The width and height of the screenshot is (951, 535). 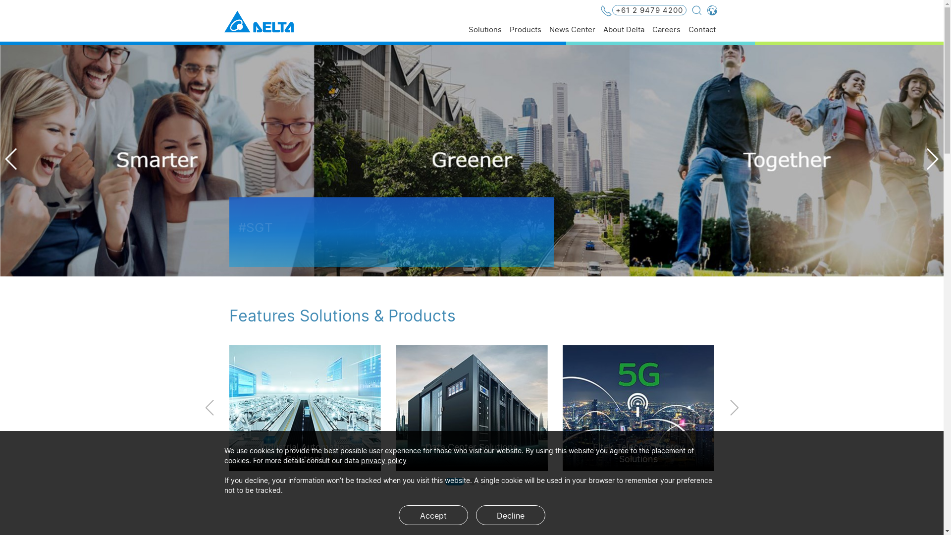 What do you see at coordinates (382, 460) in the screenshot?
I see `'privacy policy'` at bounding box center [382, 460].